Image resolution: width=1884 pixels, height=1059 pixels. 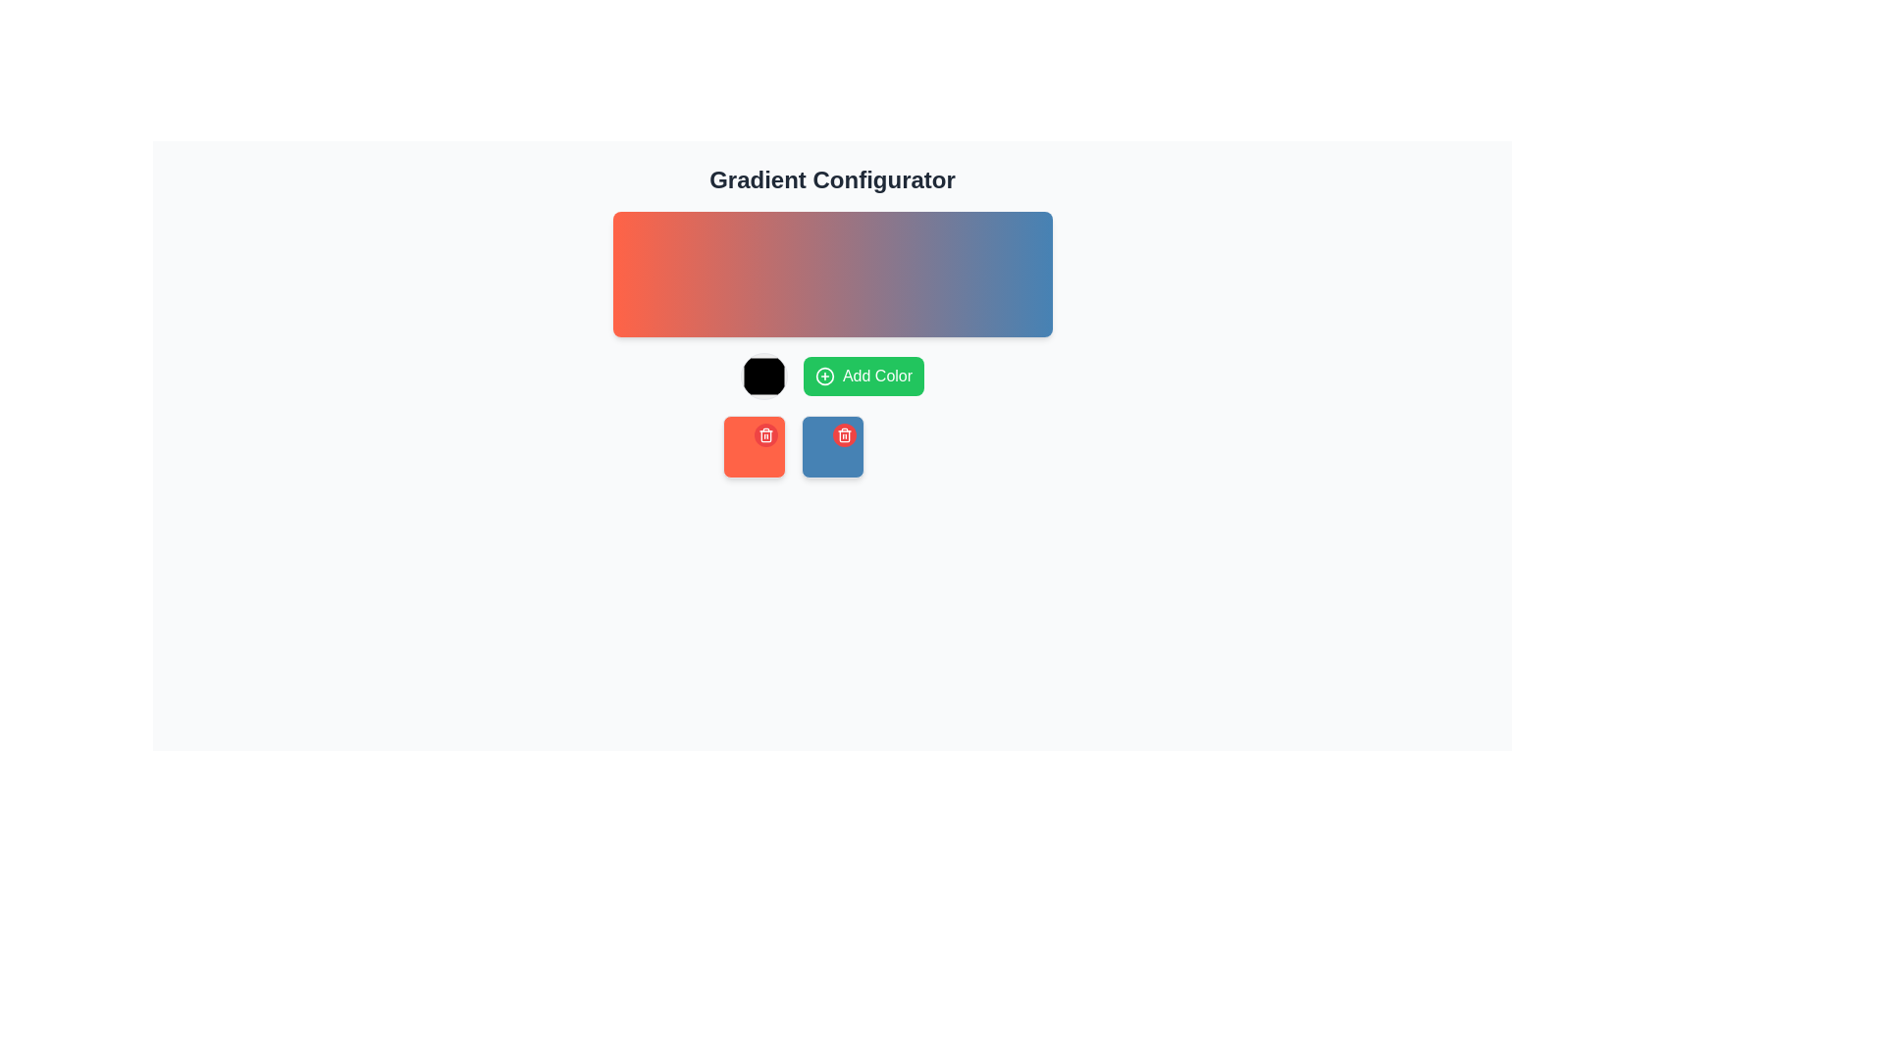 What do you see at coordinates (753, 446) in the screenshot?
I see `the trash icon on the leftmost color block in the gradient configurator` at bounding box center [753, 446].